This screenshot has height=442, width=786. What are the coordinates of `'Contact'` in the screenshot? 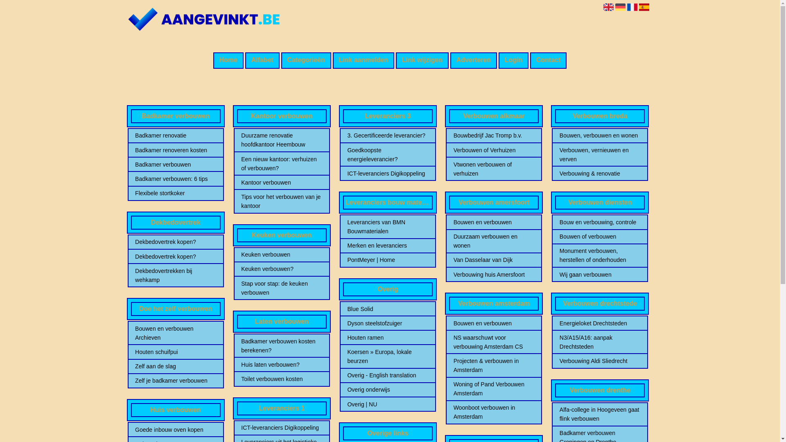 It's located at (530, 60).